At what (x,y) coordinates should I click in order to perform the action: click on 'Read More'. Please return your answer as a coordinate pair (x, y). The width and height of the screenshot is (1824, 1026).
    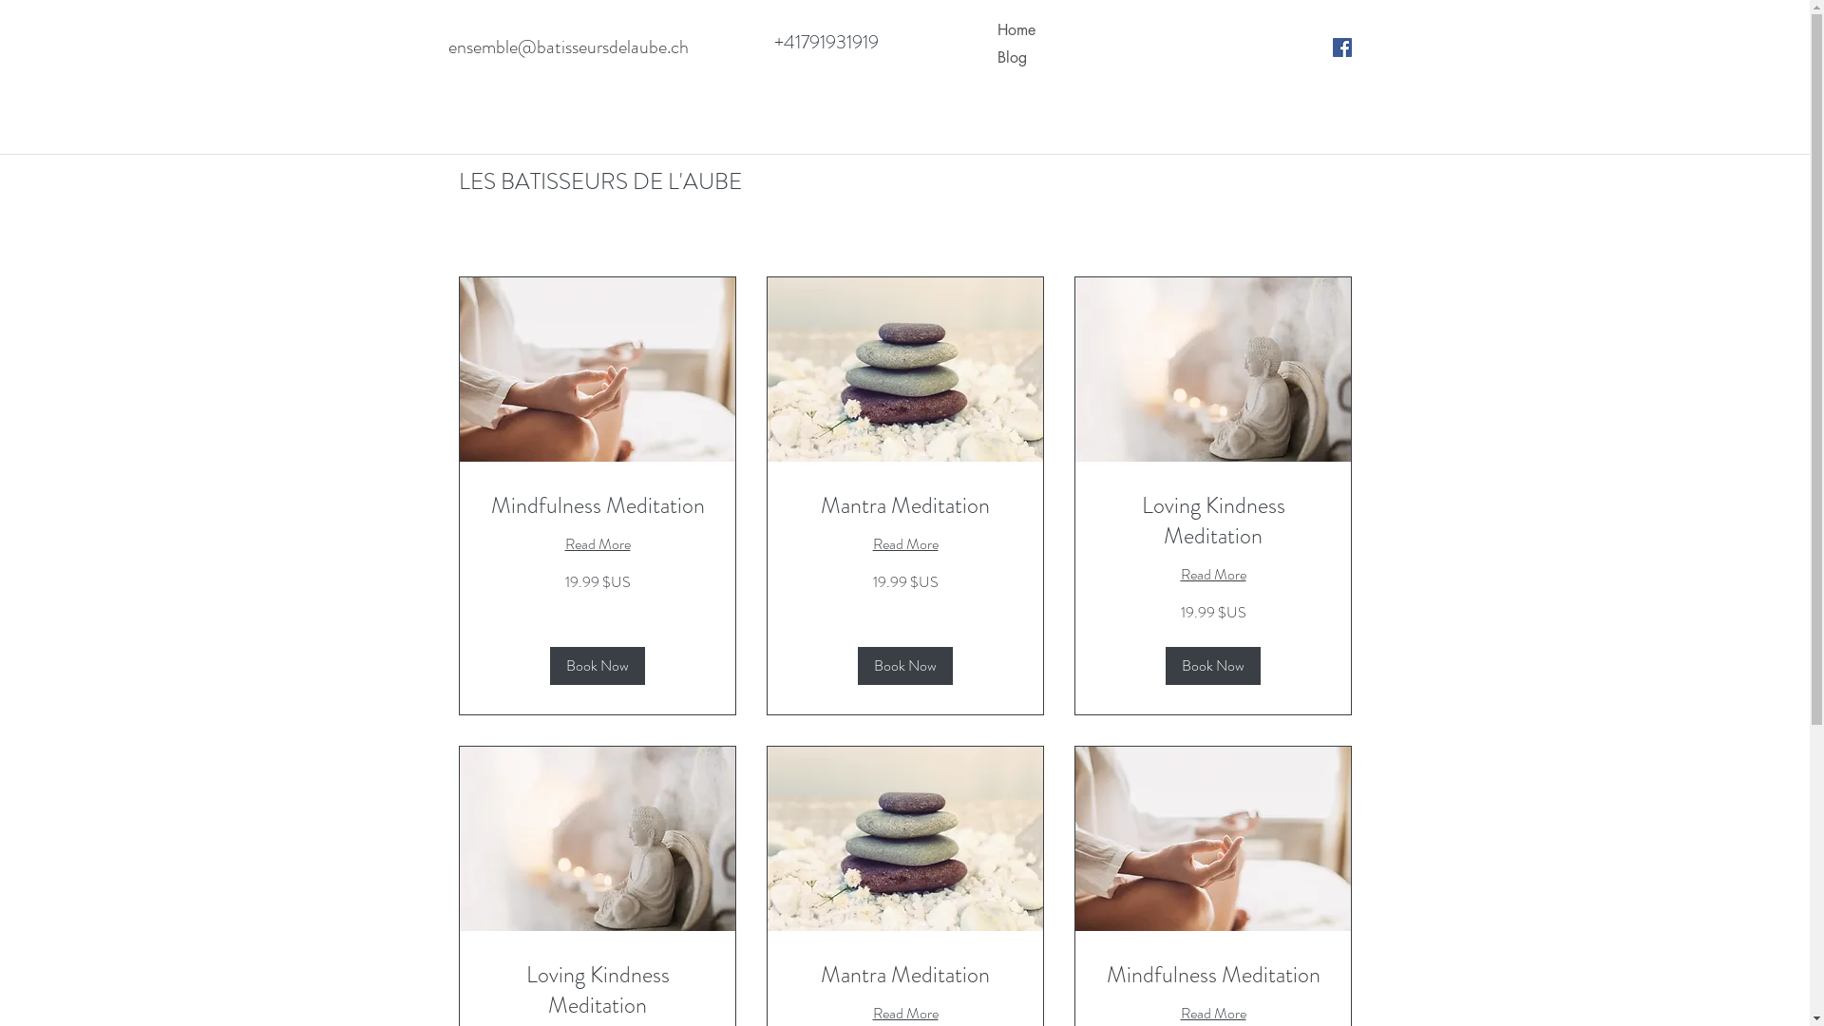
    Looking at the image, I should click on (596, 544).